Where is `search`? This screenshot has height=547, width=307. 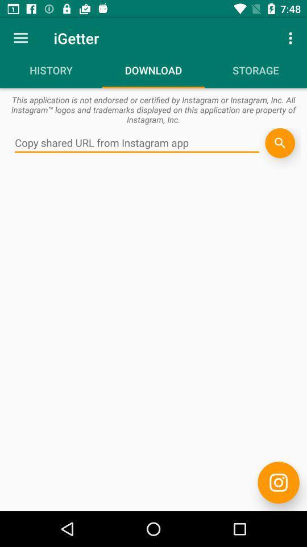 search is located at coordinates (279, 142).